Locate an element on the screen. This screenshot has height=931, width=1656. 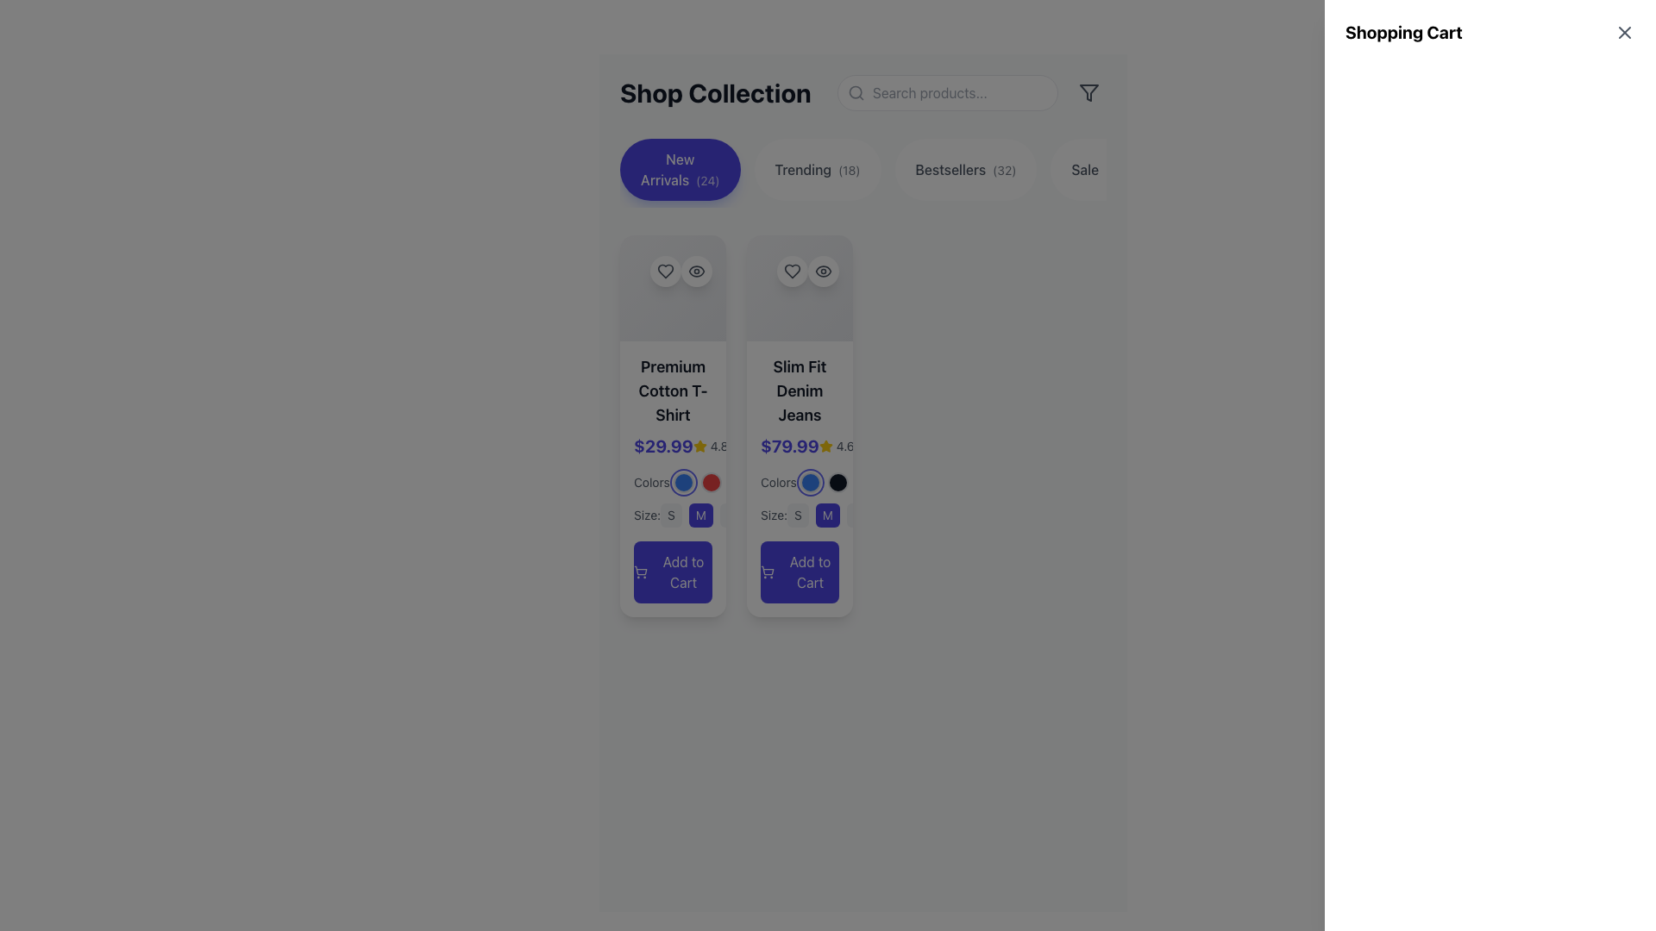
the circular button with an eye-shaped icon in the top right corner of the card component is located at coordinates (696, 272).